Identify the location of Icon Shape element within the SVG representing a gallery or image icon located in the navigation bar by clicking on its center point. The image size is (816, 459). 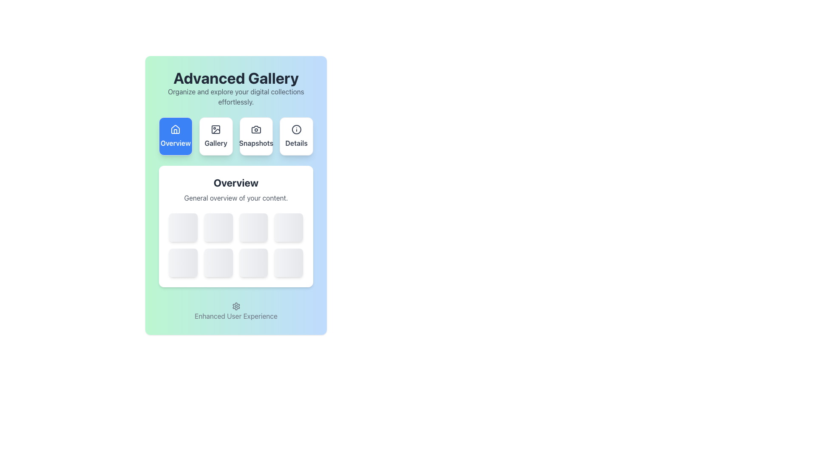
(216, 131).